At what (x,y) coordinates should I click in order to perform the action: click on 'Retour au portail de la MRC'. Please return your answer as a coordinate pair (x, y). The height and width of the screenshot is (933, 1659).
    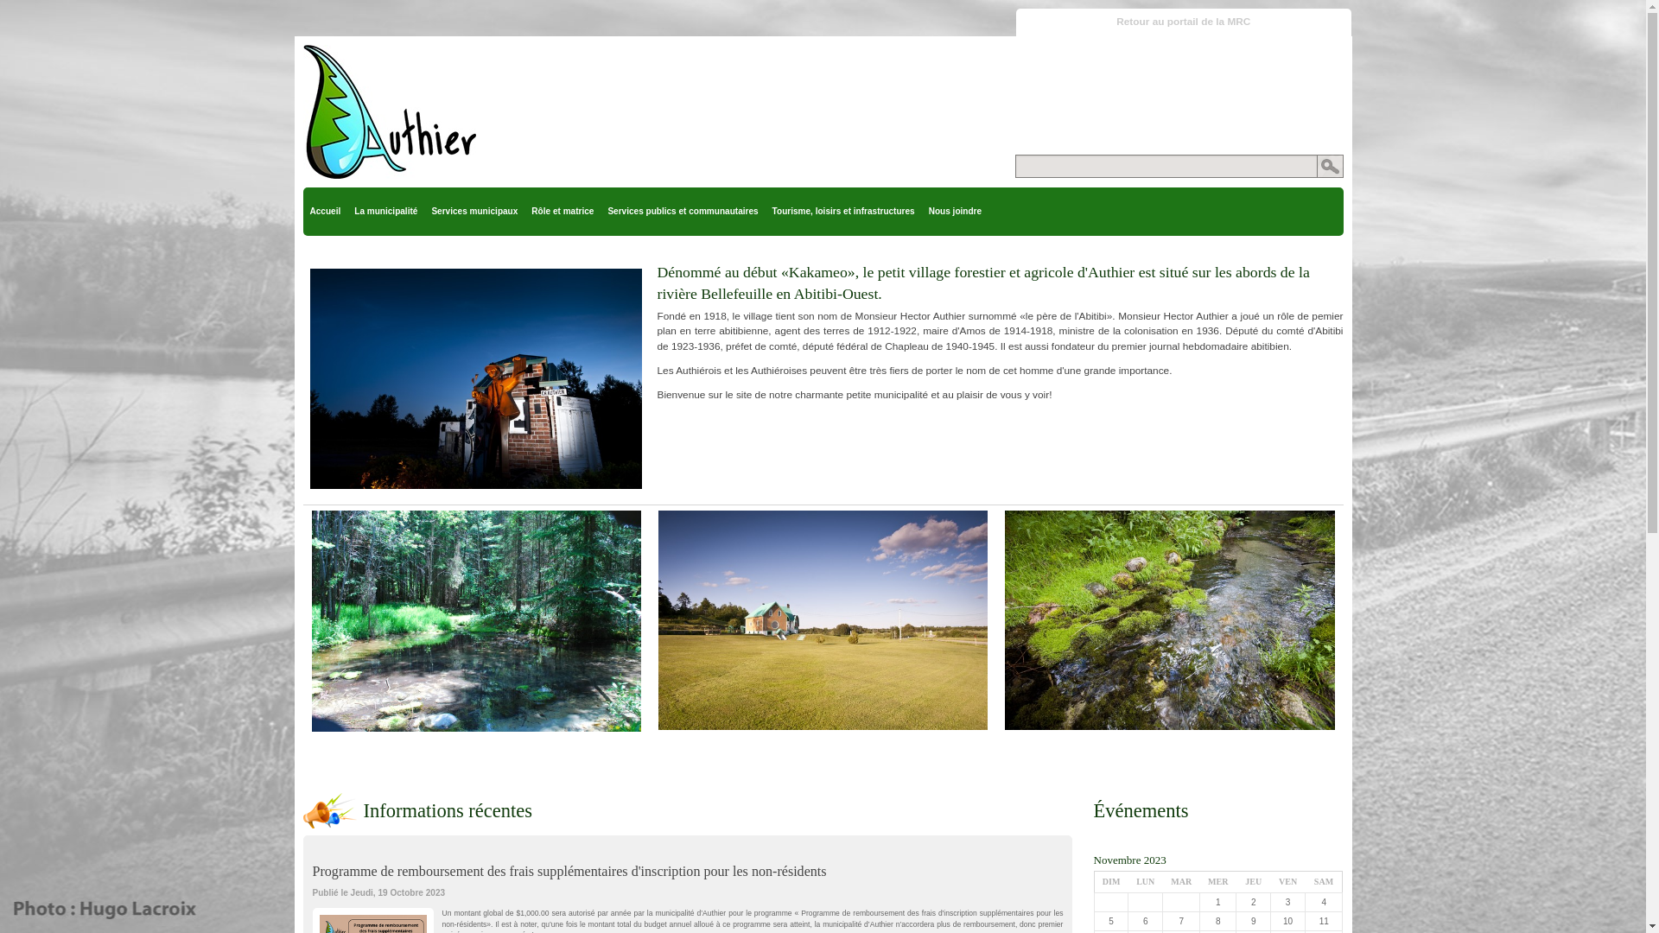
    Looking at the image, I should click on (1182, 22).